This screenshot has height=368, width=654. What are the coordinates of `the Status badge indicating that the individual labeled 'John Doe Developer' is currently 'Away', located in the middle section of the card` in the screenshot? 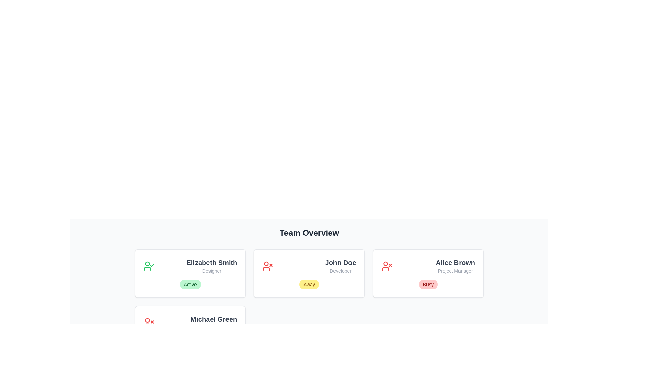 It's located at (309, 284).